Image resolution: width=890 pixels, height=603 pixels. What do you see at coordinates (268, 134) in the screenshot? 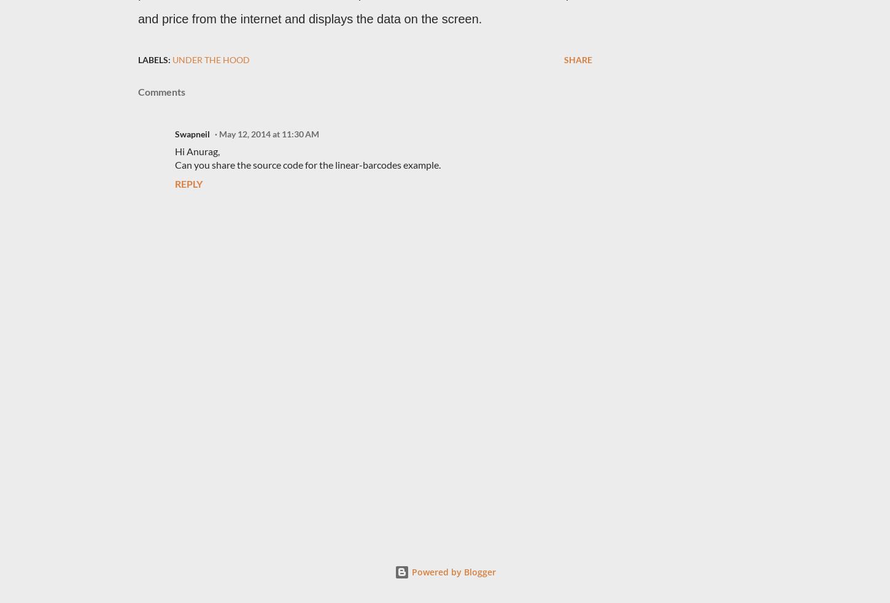
I see `'May 12, 2014 at 11:30 AM'` at bounding box center [268, 134].